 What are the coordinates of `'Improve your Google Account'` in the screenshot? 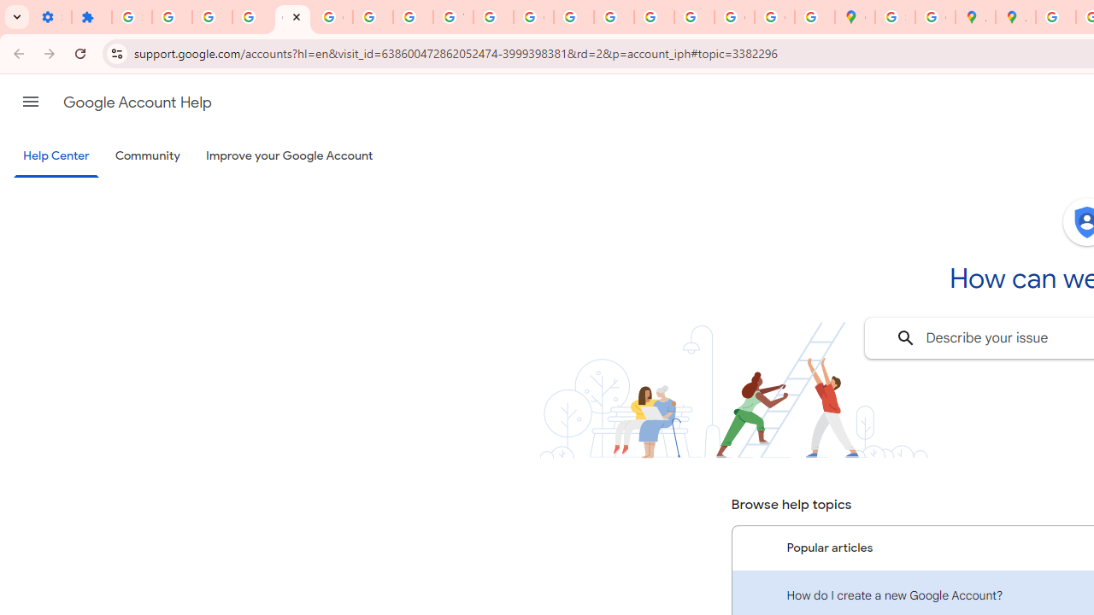 It's located at (290, 156).